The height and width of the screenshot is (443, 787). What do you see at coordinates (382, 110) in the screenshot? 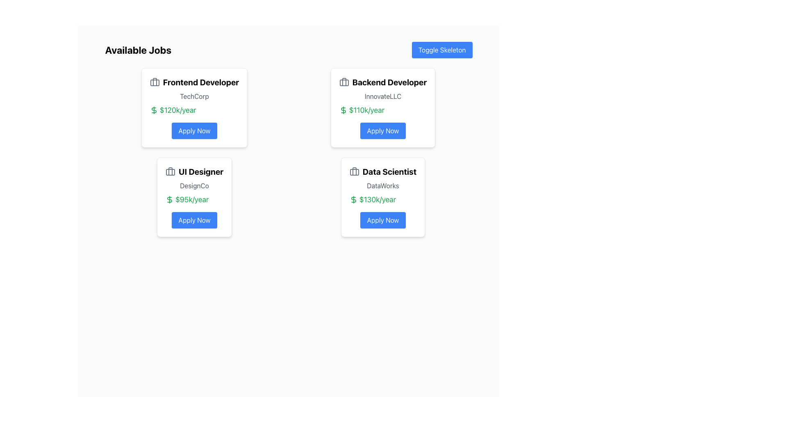
I see `the salary information element displaying '$110k/year' with a green dollar-sign icon, located within the job card for 'Backend Developer' role` at bounding box center [382, 110].